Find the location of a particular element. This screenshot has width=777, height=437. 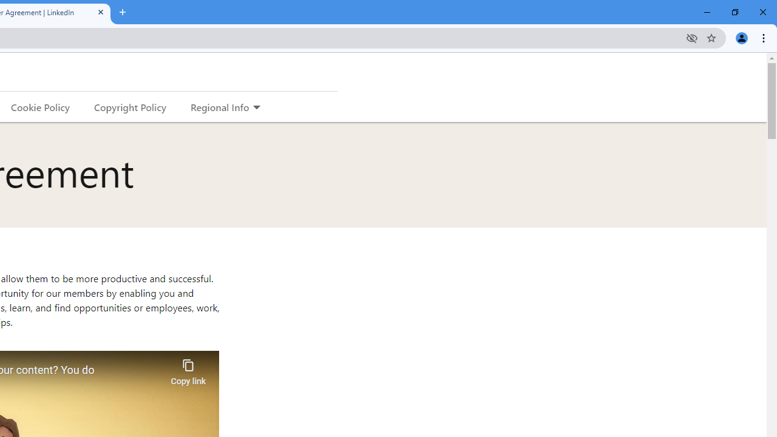

'Expand to show more links for Regional Info' is located at coordinates (256, 107).